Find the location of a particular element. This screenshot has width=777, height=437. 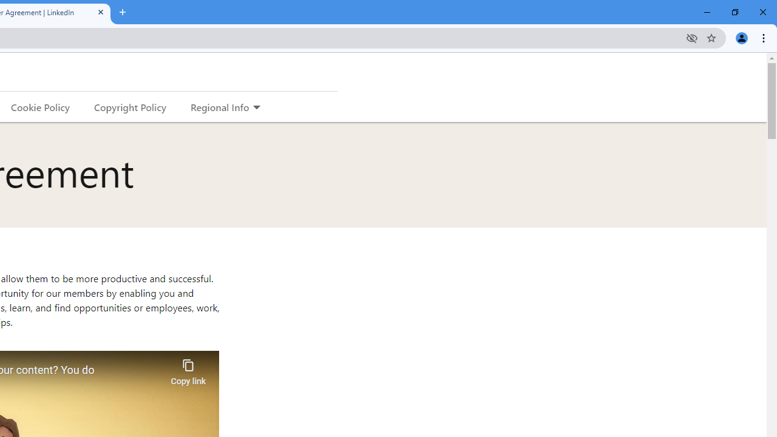

'Expand to show more links for Regional Info' is located at coordinates (256, 107).